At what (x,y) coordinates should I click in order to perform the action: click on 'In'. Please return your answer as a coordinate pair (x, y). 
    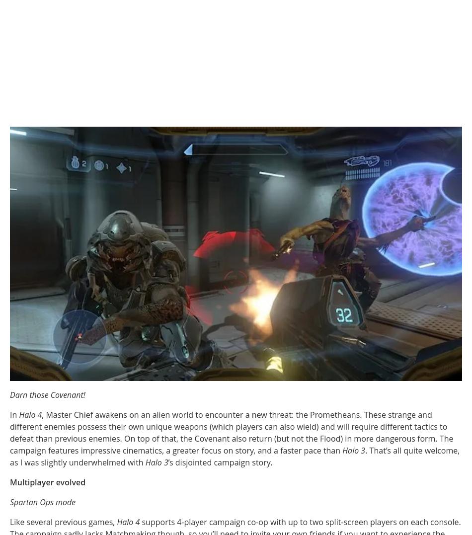
    Looking at the image, I should click on (14, 414).